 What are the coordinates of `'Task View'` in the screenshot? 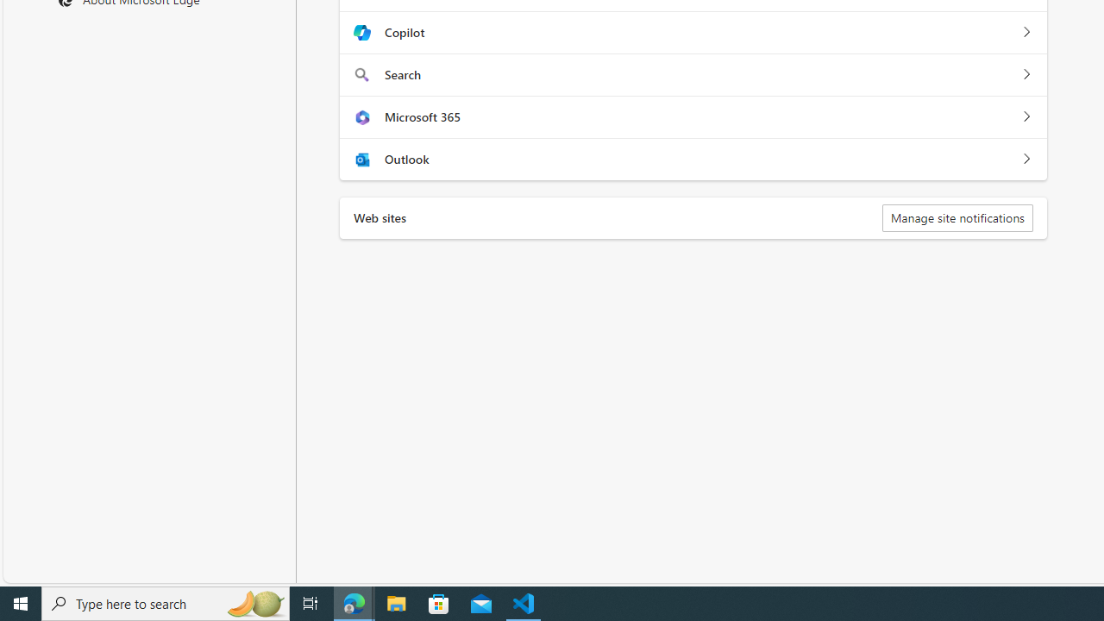 It's located at (310, 602).